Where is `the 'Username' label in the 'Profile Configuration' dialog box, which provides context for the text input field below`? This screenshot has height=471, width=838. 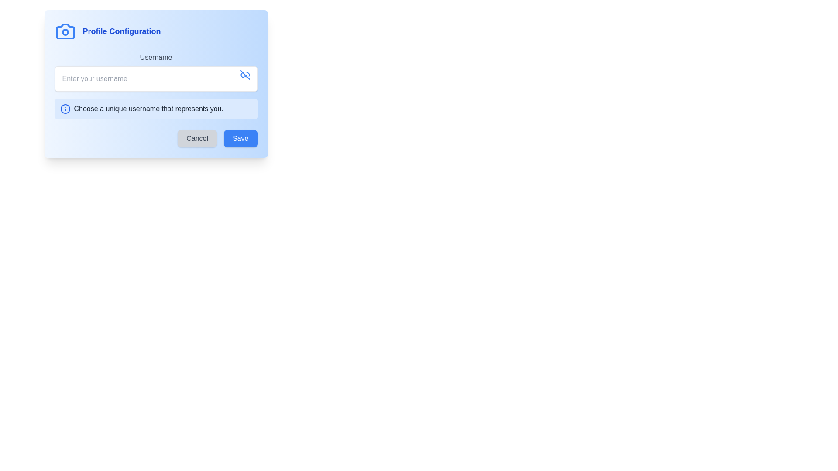 the 'Username' label in the 'Profile Configuration' dialog box, which provides context for the text input field below is located at coordinates (156, 57).